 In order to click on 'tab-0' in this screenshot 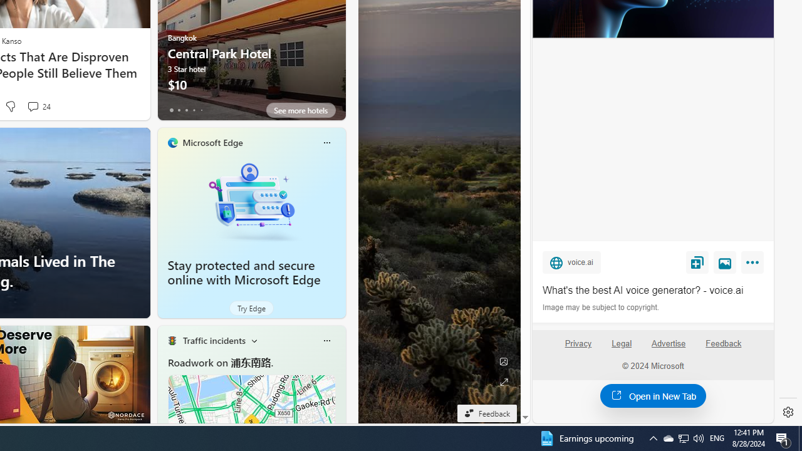, I will do `click(170, 110)`.